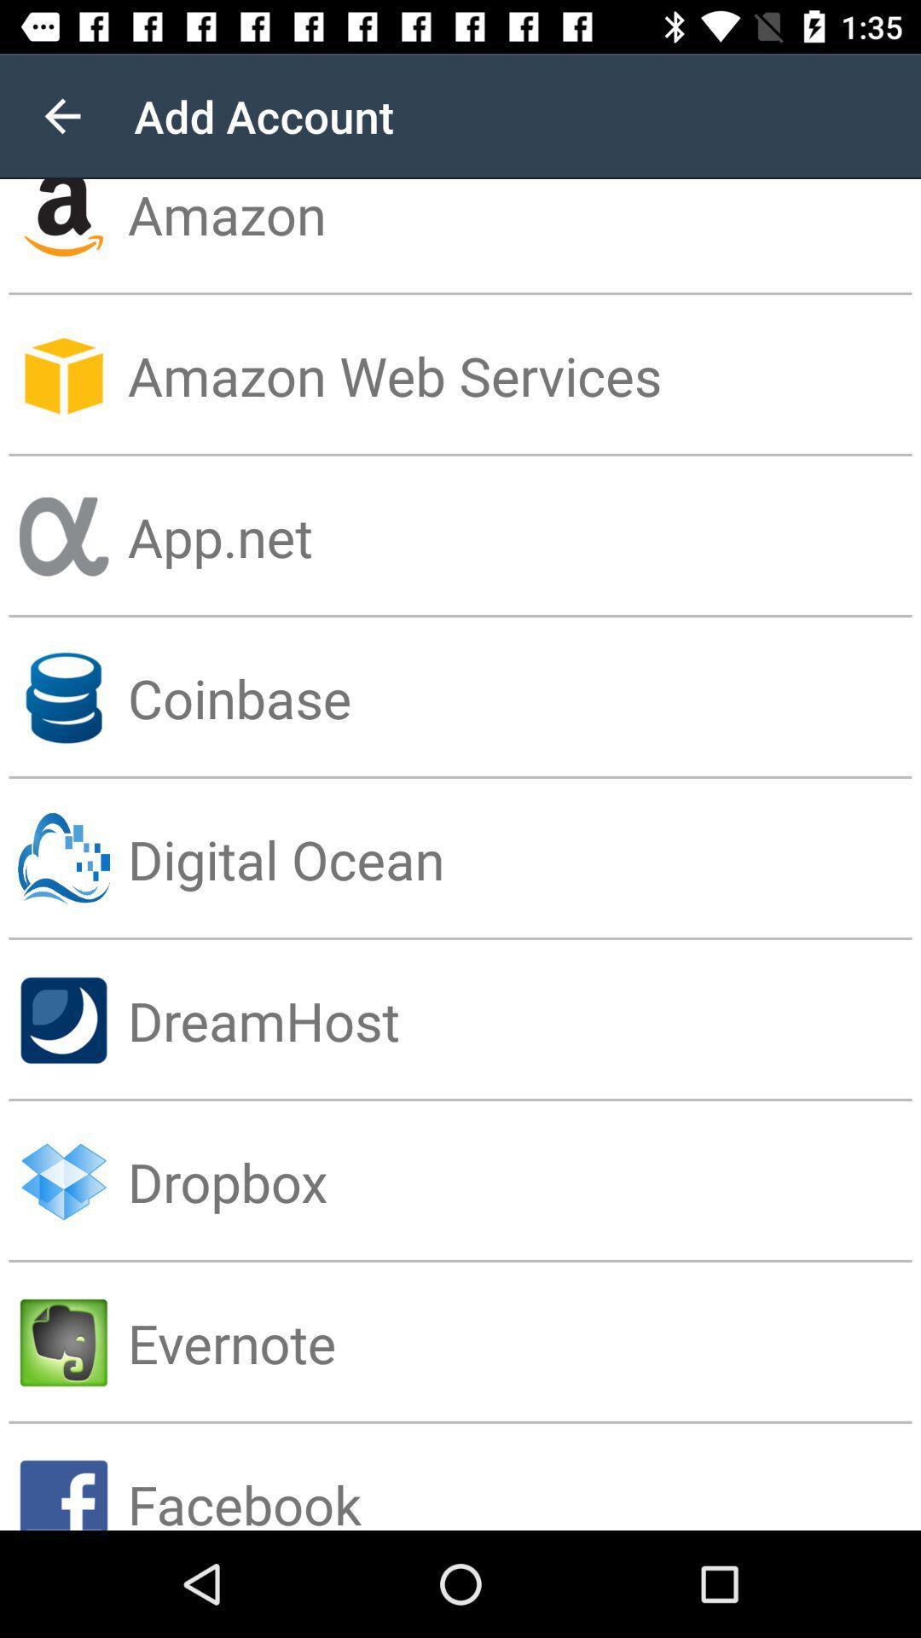 This screenshot has height=1638, width=921. What do you see at coordinates (523, 1181) in the screenshot?
I see `the dropbox app` at bounding box center [523, 1181].